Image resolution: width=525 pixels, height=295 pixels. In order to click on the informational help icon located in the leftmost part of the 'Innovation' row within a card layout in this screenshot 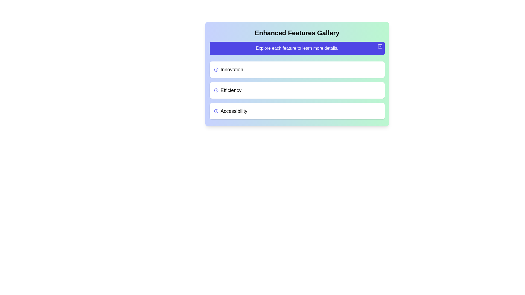, I will do `click(216, 69)`.